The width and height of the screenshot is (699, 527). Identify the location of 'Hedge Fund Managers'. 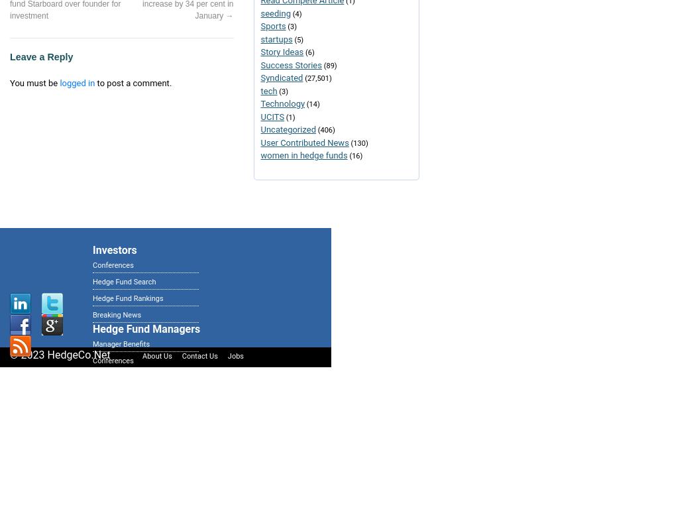
(146, 329).